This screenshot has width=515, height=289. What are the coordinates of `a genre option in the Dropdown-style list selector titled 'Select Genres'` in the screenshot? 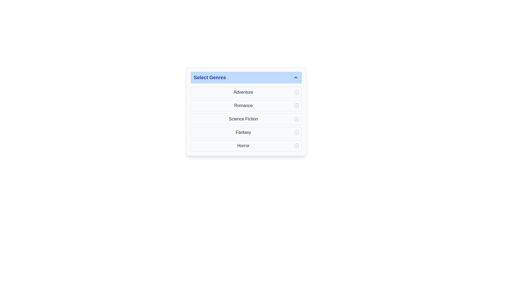 It's located at (246, 111).